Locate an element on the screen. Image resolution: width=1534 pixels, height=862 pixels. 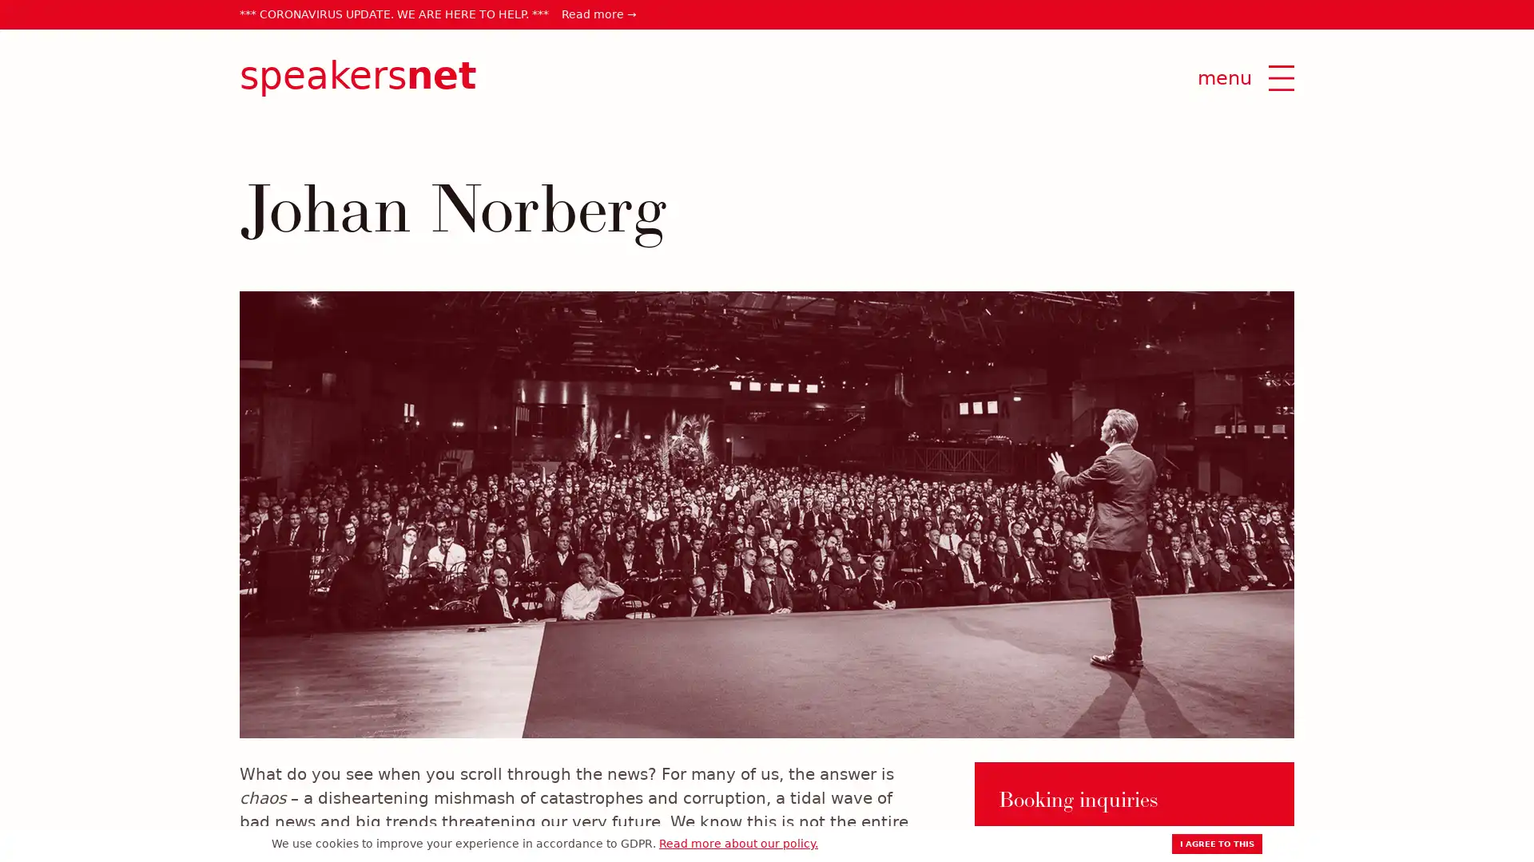
I AGREE TO THIS is located at coordinates (1216, 843).